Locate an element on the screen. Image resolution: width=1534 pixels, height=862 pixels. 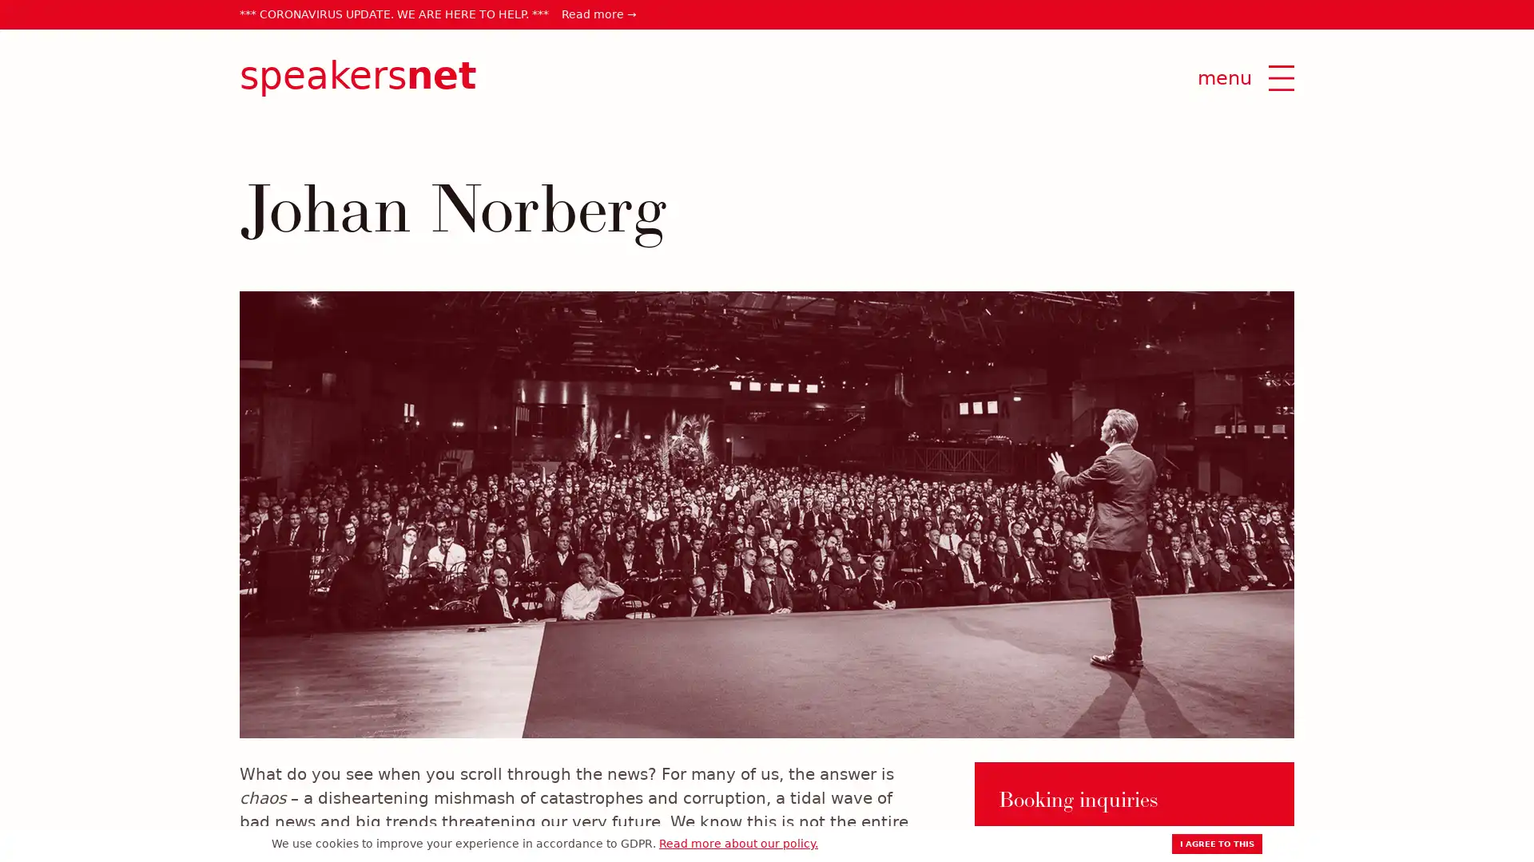
I AGREE TO THIS is located at coordinates (1216, 843).